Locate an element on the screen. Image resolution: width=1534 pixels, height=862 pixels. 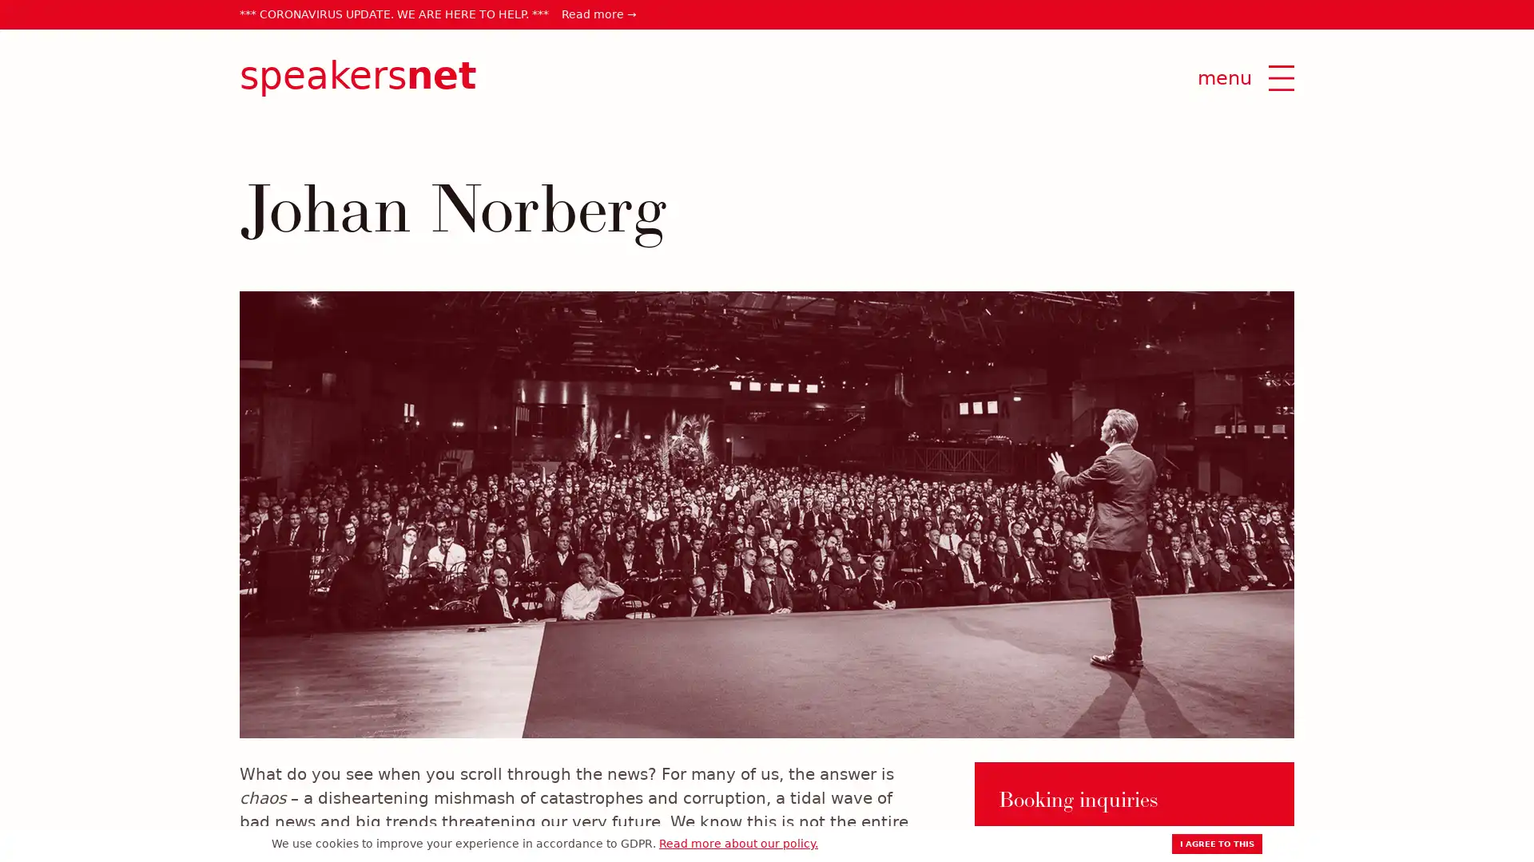
I AGREE TO THIS is located at coordinates (1216, 843).